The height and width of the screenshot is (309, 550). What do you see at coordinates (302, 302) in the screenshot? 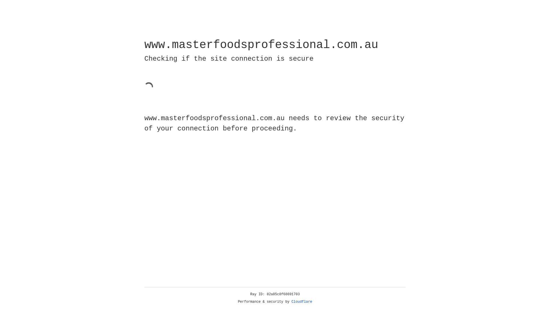
I see `'Cloudflare'` at bounding box center [302, 302].